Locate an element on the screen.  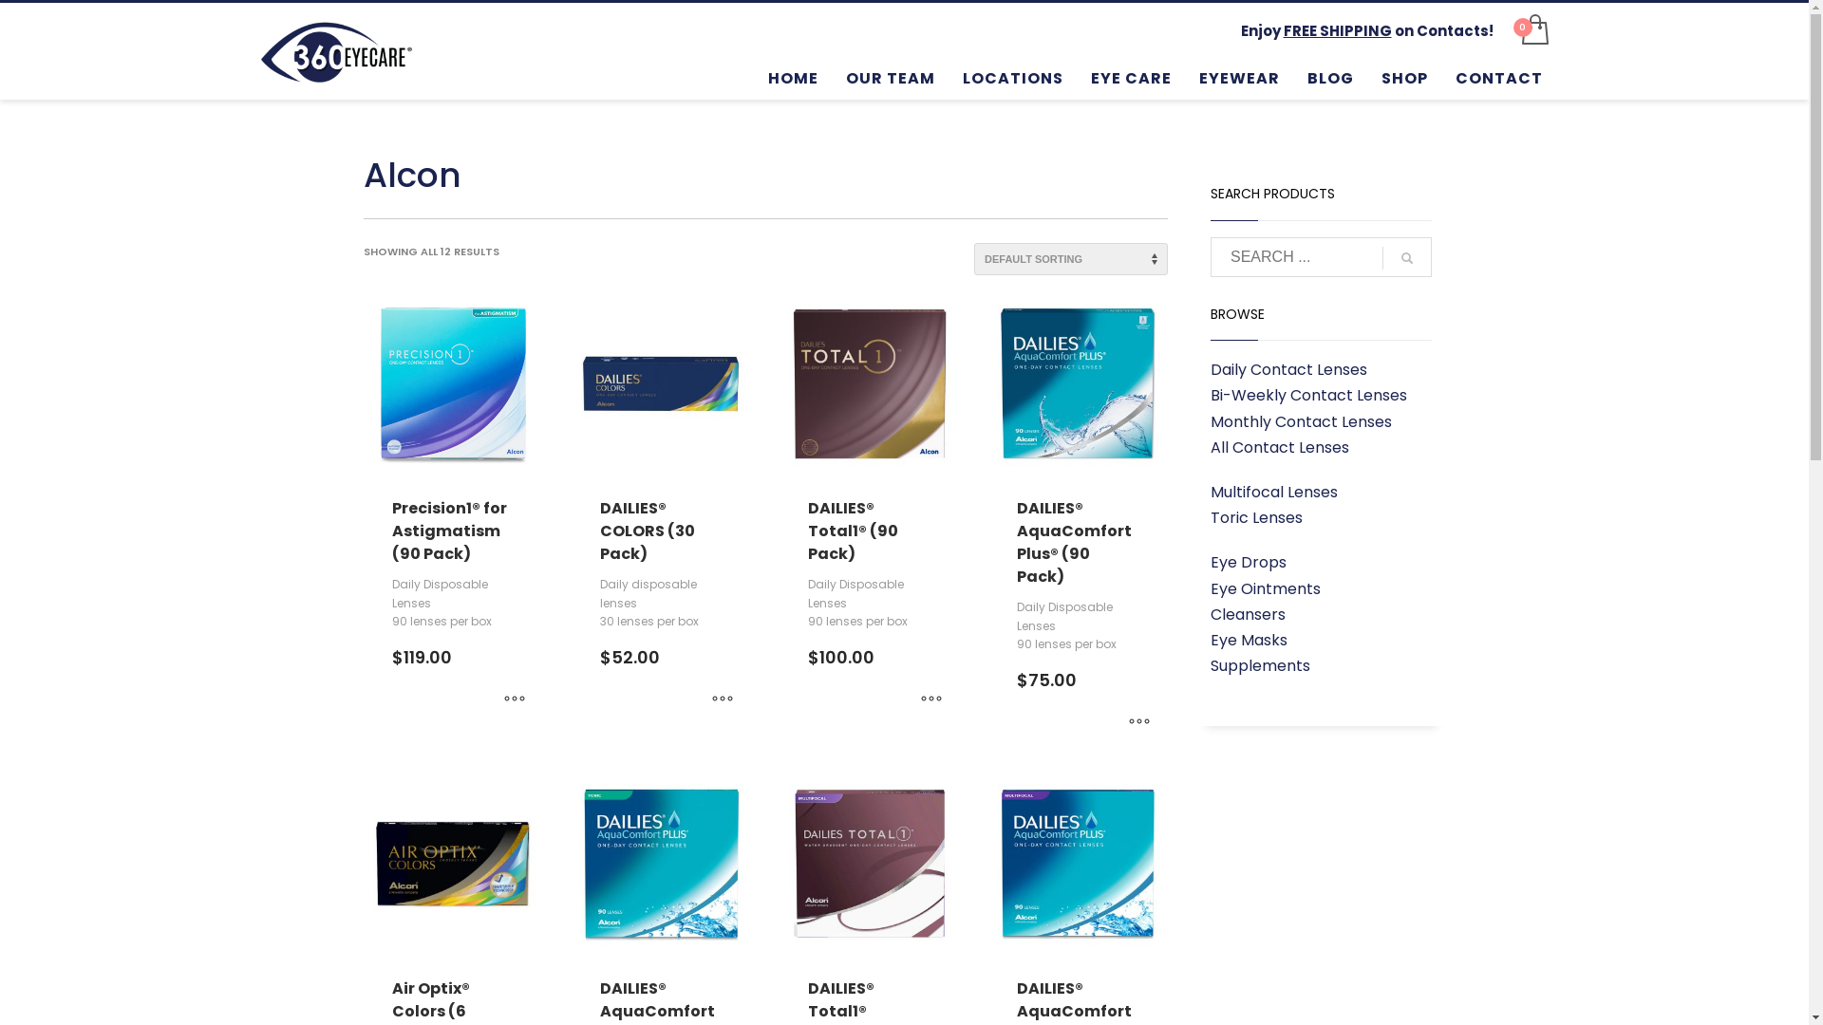
'All Contact Lenses' is located at coordinates (1280, 447).